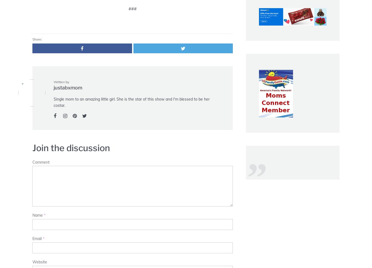 This screenshot has width=372, height=268. I want to click on 'Email', so click(32, 238).